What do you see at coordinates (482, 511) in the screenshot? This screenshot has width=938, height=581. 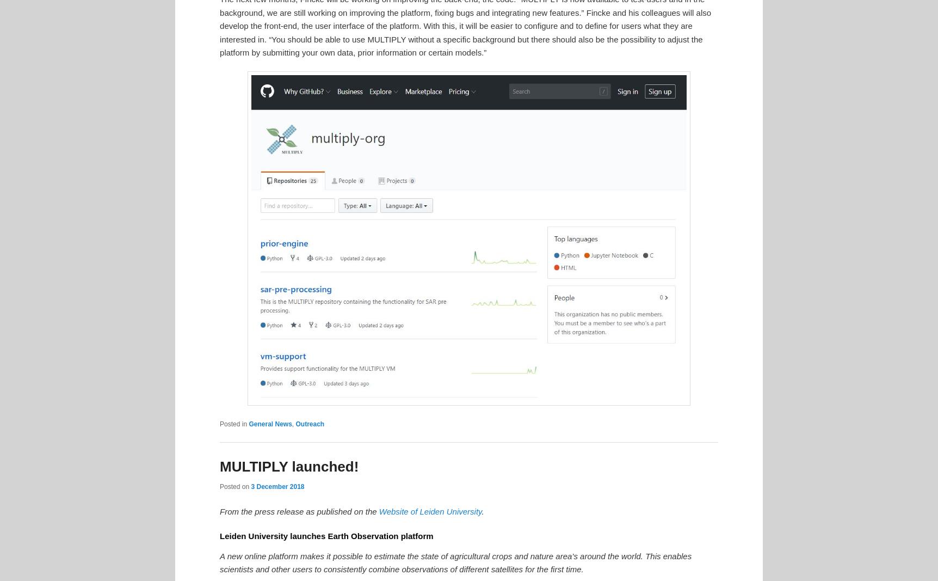 I see `'.'` at bounding box center [482, 511].